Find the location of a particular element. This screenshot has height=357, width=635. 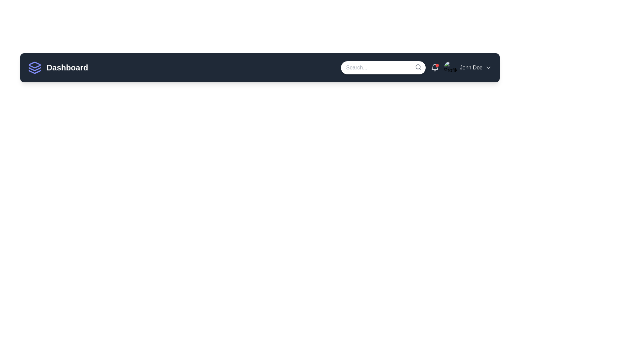

the 'Dashboard' Icon located to the left of the 'Dashboard' text is located at coordinates (34, 67).